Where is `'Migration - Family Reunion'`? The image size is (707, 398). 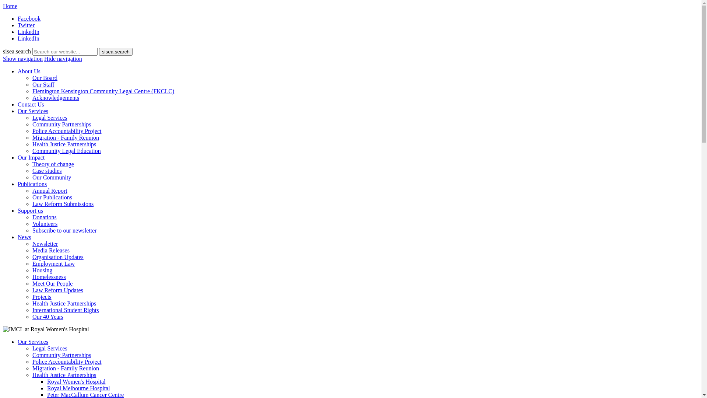 'Migration - Family Reunion' is located at coordinates (66, 368).